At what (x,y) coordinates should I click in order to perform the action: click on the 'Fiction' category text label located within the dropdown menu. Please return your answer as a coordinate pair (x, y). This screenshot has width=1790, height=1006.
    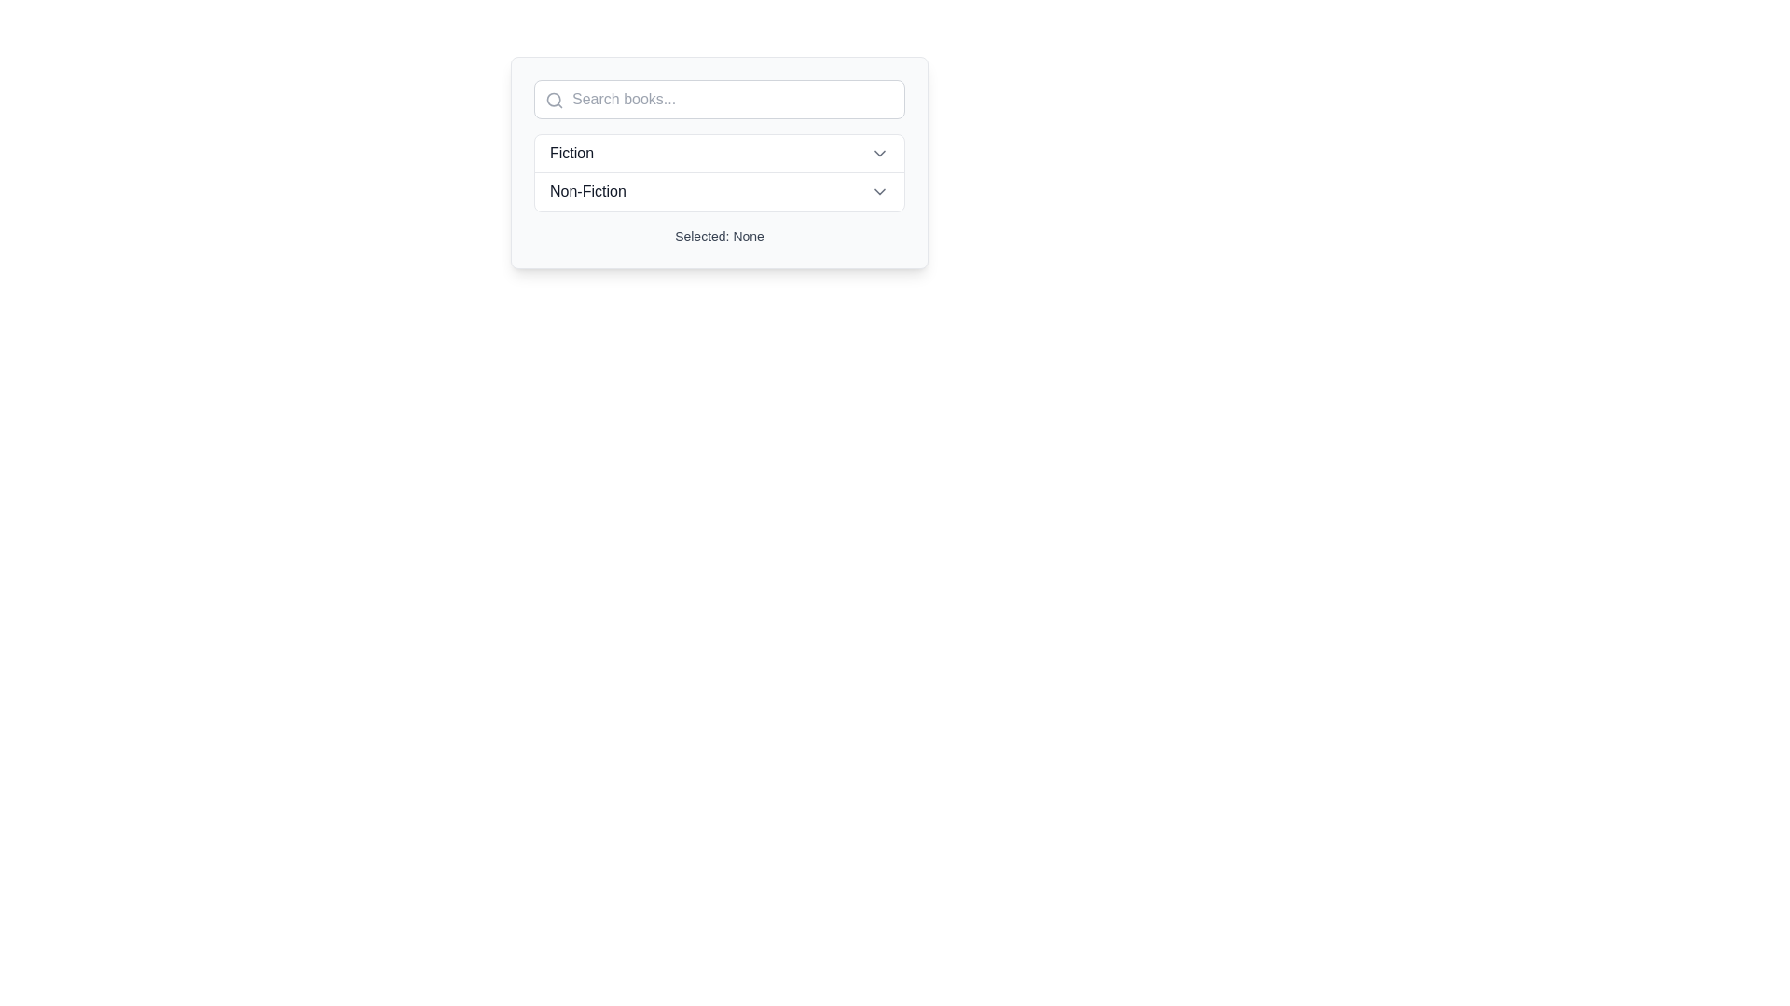
    Looking at the image, I should click on (571, 153).